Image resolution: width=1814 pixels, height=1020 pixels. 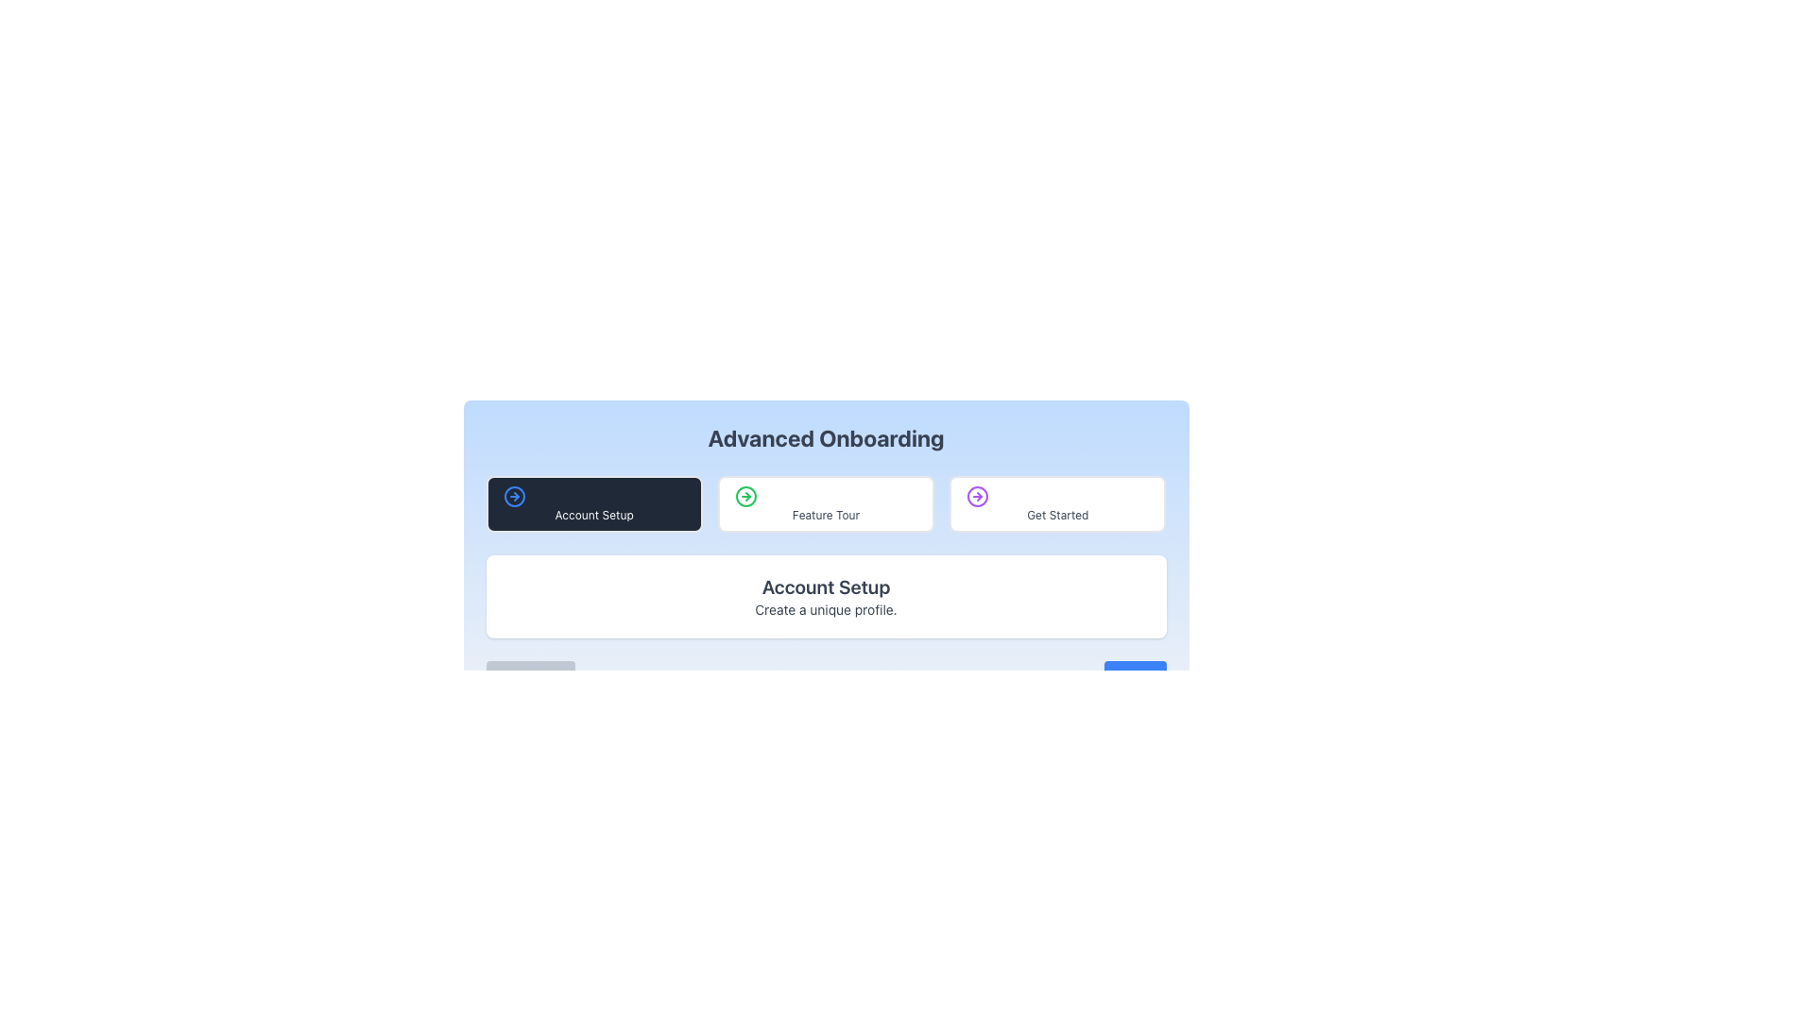 I want to click on the green SVG Circle element that is part of the rightward-pointing arrow icon, located to the left of the 'Feature Tour' text, so click(x=744, y=495).